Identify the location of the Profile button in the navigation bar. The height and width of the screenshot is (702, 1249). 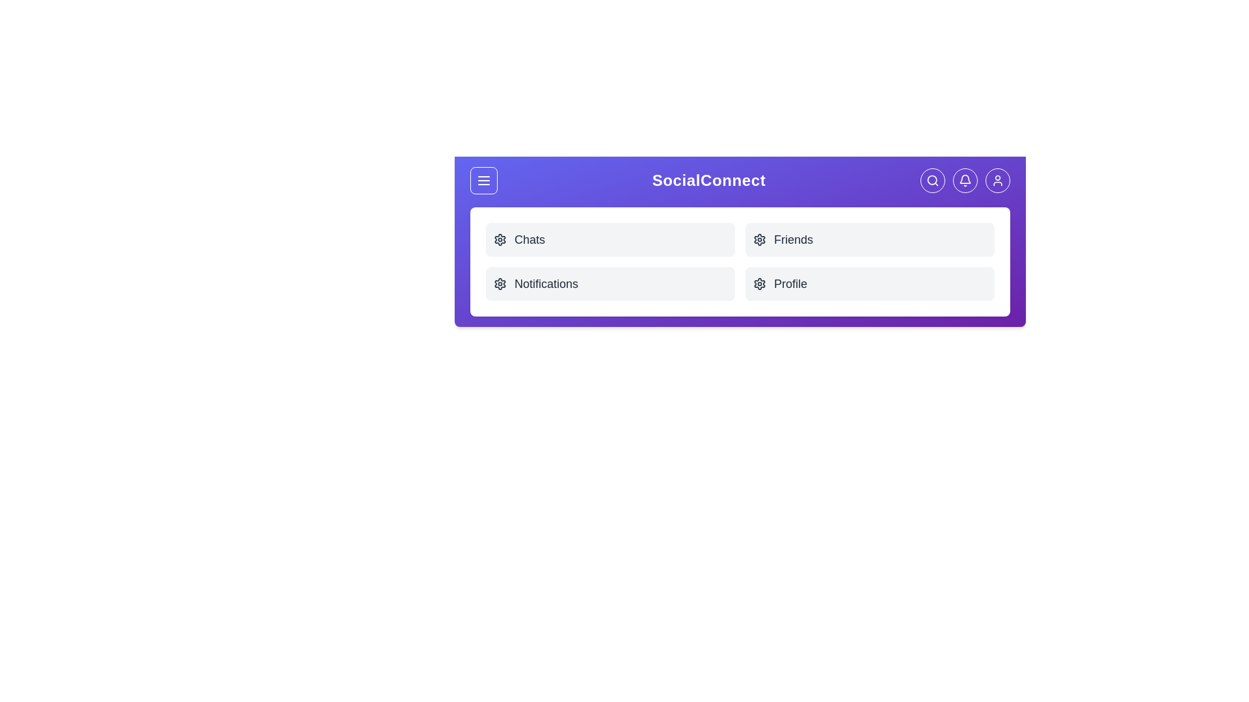
(997, 180).